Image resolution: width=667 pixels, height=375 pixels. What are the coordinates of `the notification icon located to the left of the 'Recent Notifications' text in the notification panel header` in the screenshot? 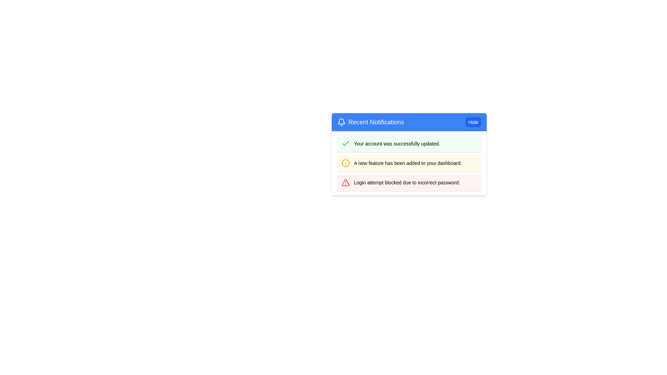 It's located at (341, 121).